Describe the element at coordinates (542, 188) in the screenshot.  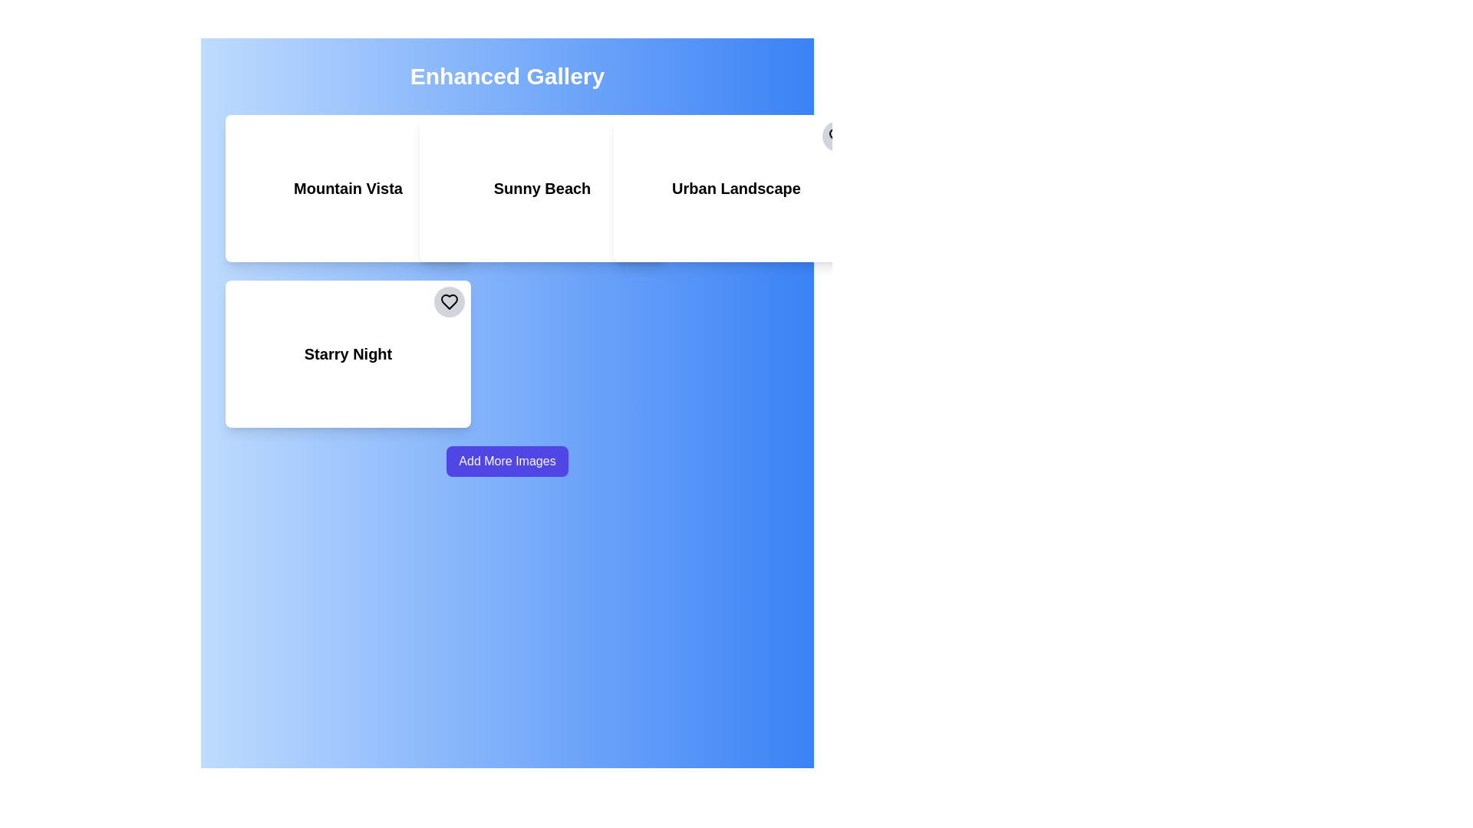
I see `the text label titled 'Sunny Beach' which serves as a title for the content in the second card of a horizontally aligned group of three cards` at that location.